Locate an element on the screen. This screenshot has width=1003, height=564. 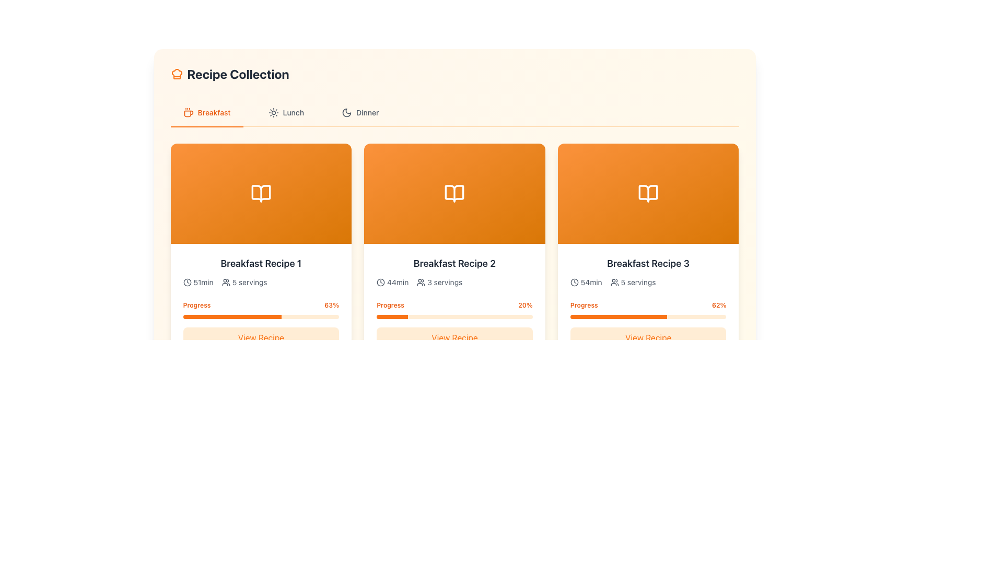
static informative text displaying '54min' and '5 servings' with accompanying icons, located in the card titled 'Breakfast Recipe 3' near the middle, above the 'Progress 62%' text is located at coordinates (648, 282).